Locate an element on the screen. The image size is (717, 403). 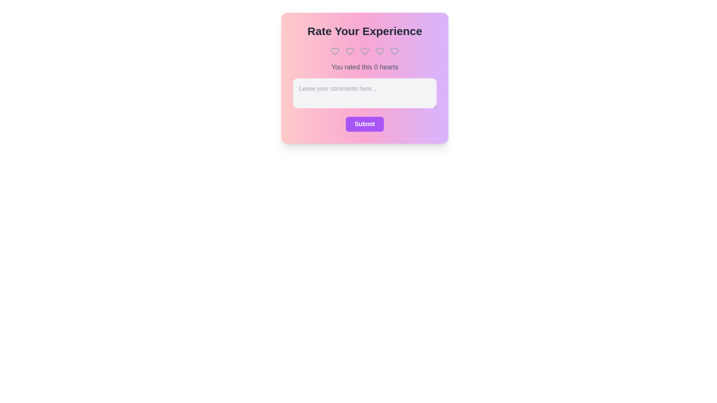
the submit button to send the rating and comments is located at coordinates (365, 124).